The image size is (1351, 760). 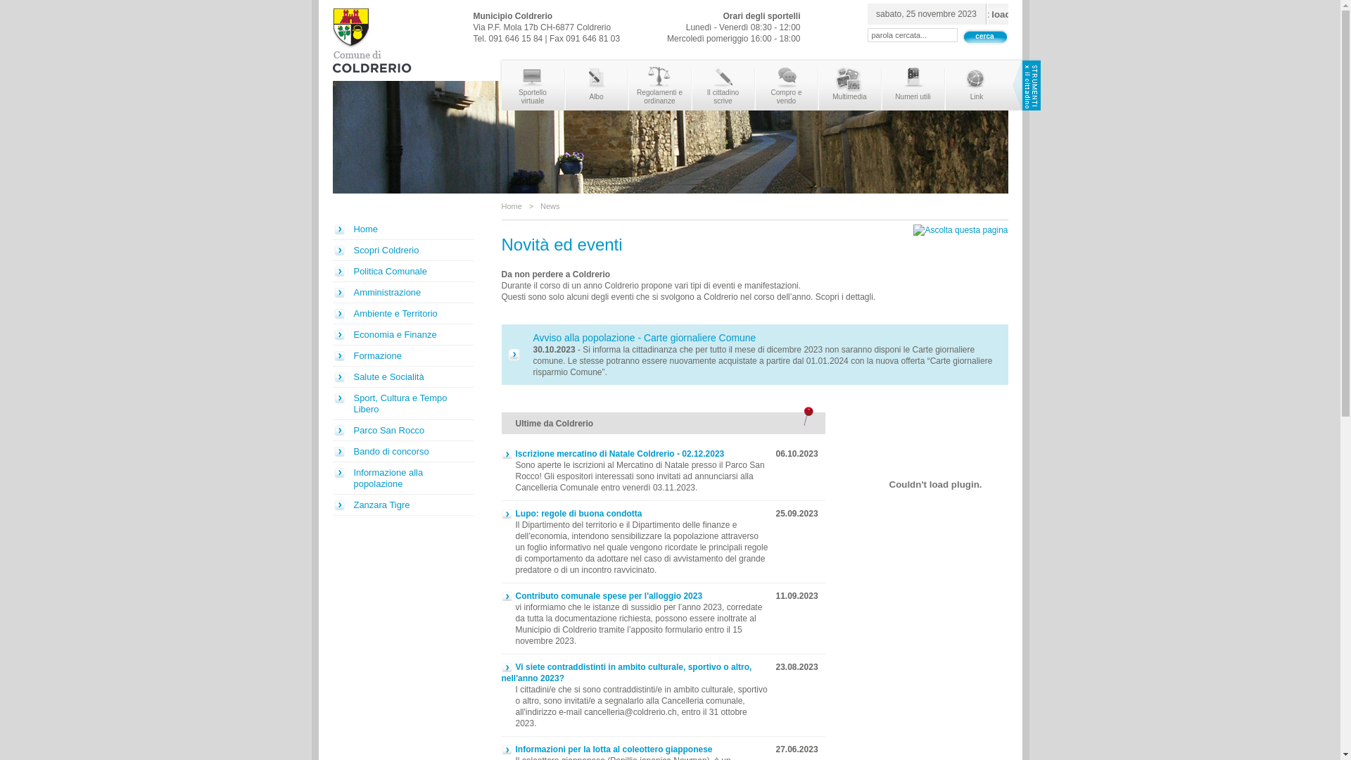 I want to click on 'Economia e Finanze', so click(x=401, y=334).